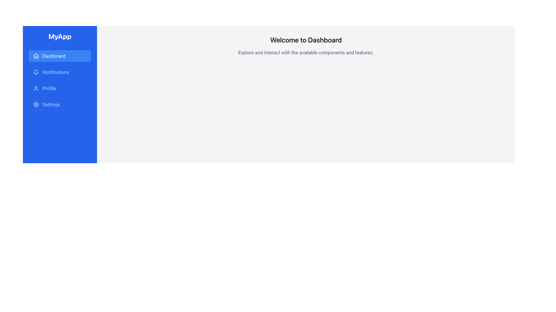  Describe the element at coordinates (36, 105) in the screenshot. I see `the small blue gear icon that signifies settings, located in the vertical navigation menu under the 'Profile' menu item` at that location.